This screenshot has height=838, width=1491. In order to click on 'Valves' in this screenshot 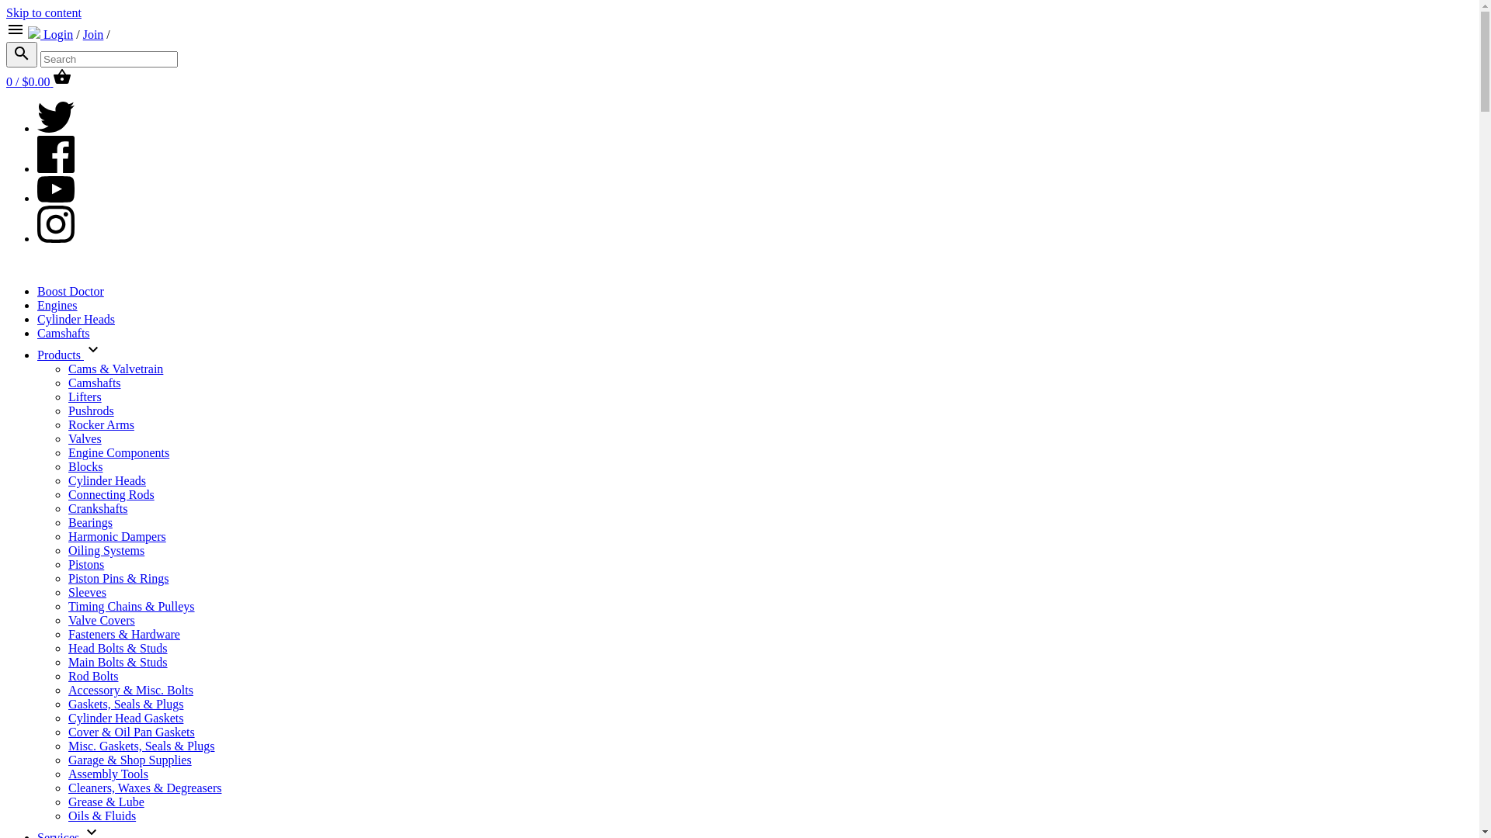, I will do `click(84, 438)`.